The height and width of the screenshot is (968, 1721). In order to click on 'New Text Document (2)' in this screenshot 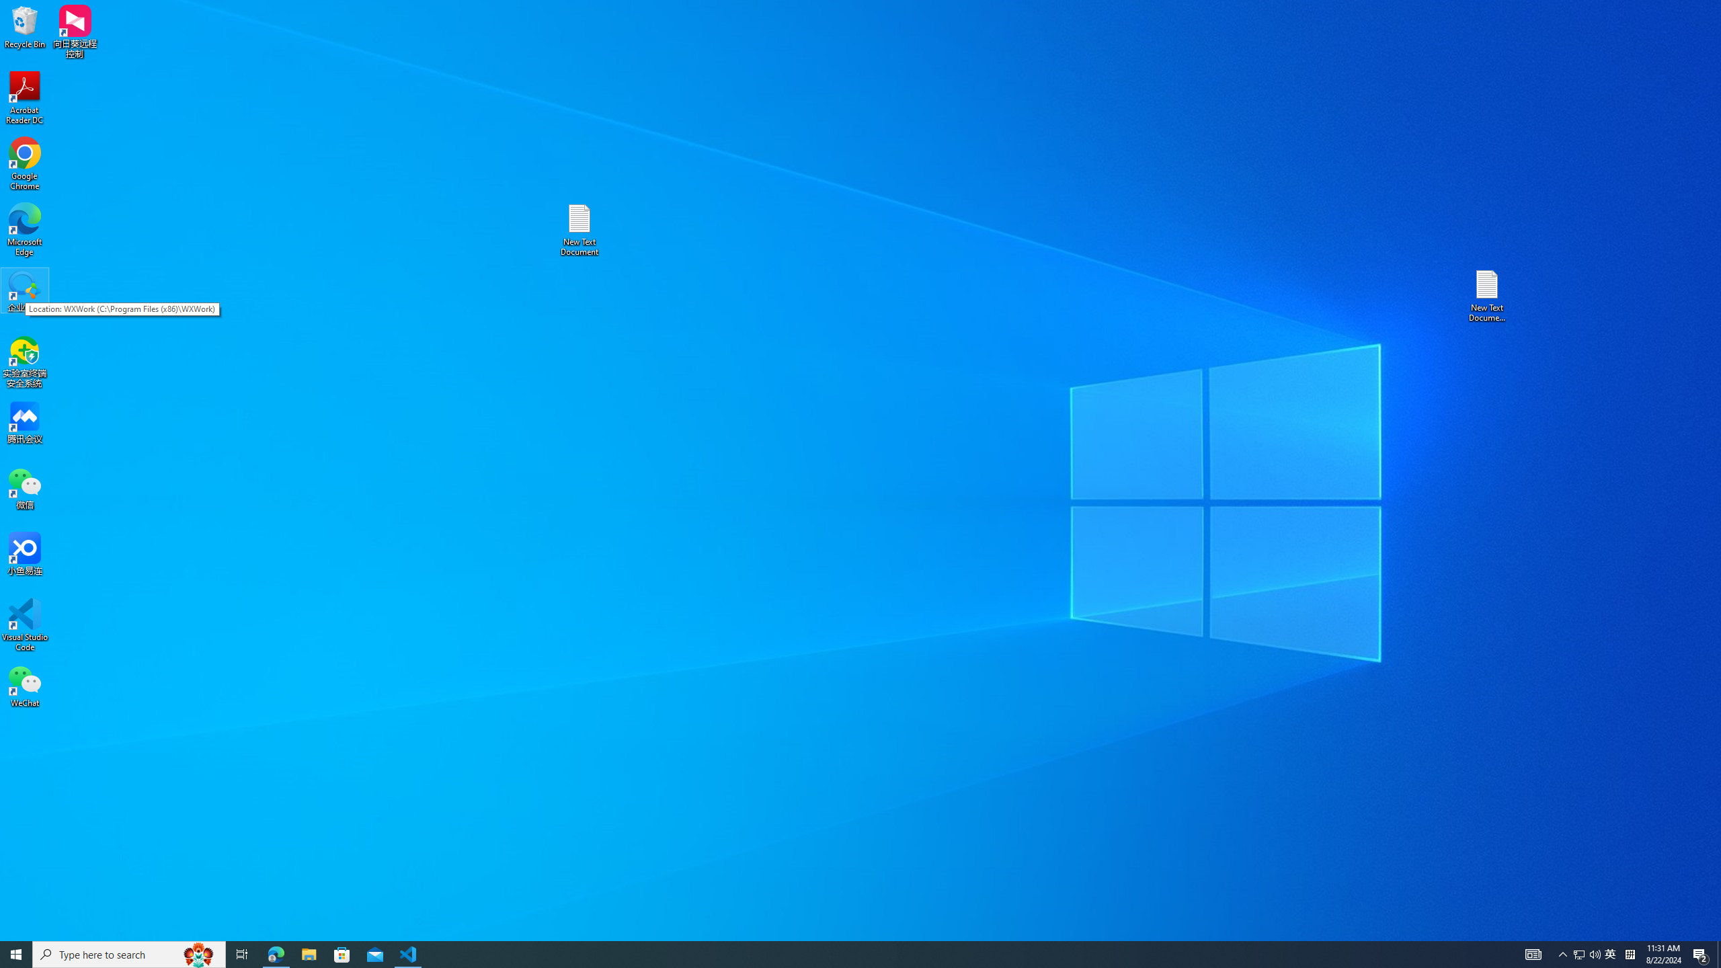, I will do `click(1488, 294)`.